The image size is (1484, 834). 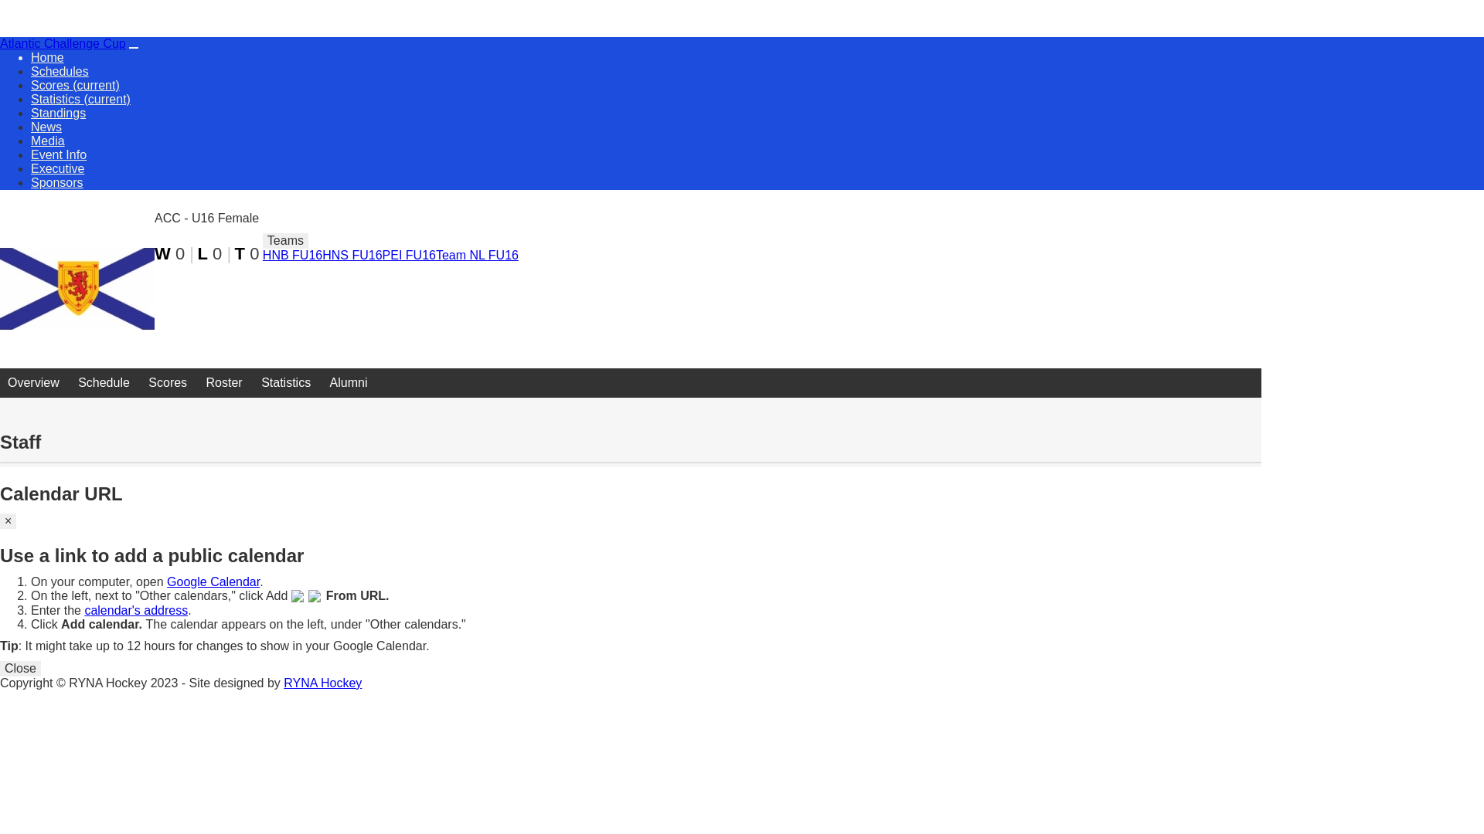 What do you see at coordinates (435, 254) in the screenshot?
I see `'Team NL FU16'` at bounding box center [435, 254].